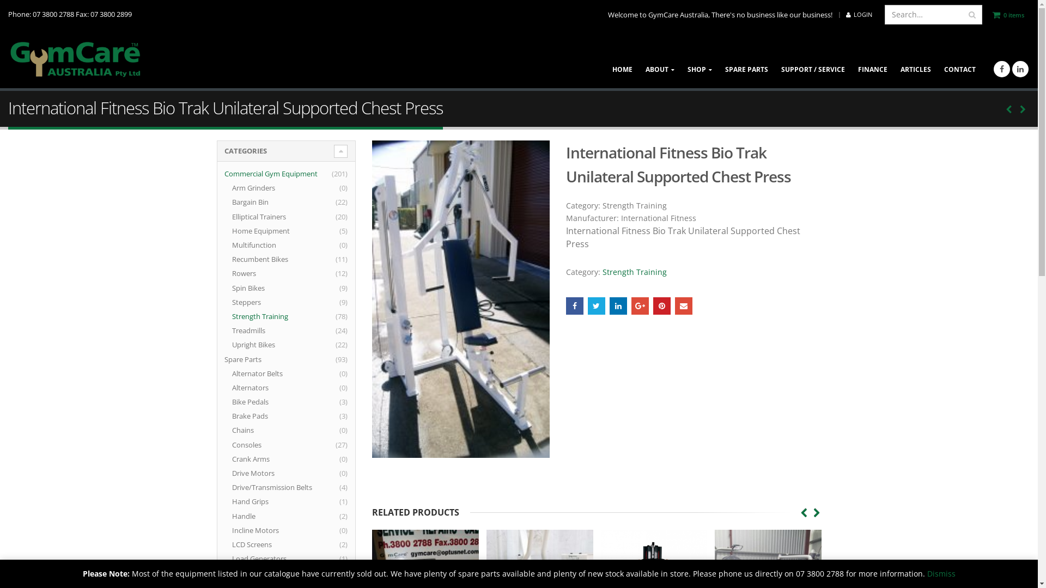  What do you see at coordinates (260, 344) in the screenshot?
I see `'Upright Bikes'` at bounding box center [260, 344].